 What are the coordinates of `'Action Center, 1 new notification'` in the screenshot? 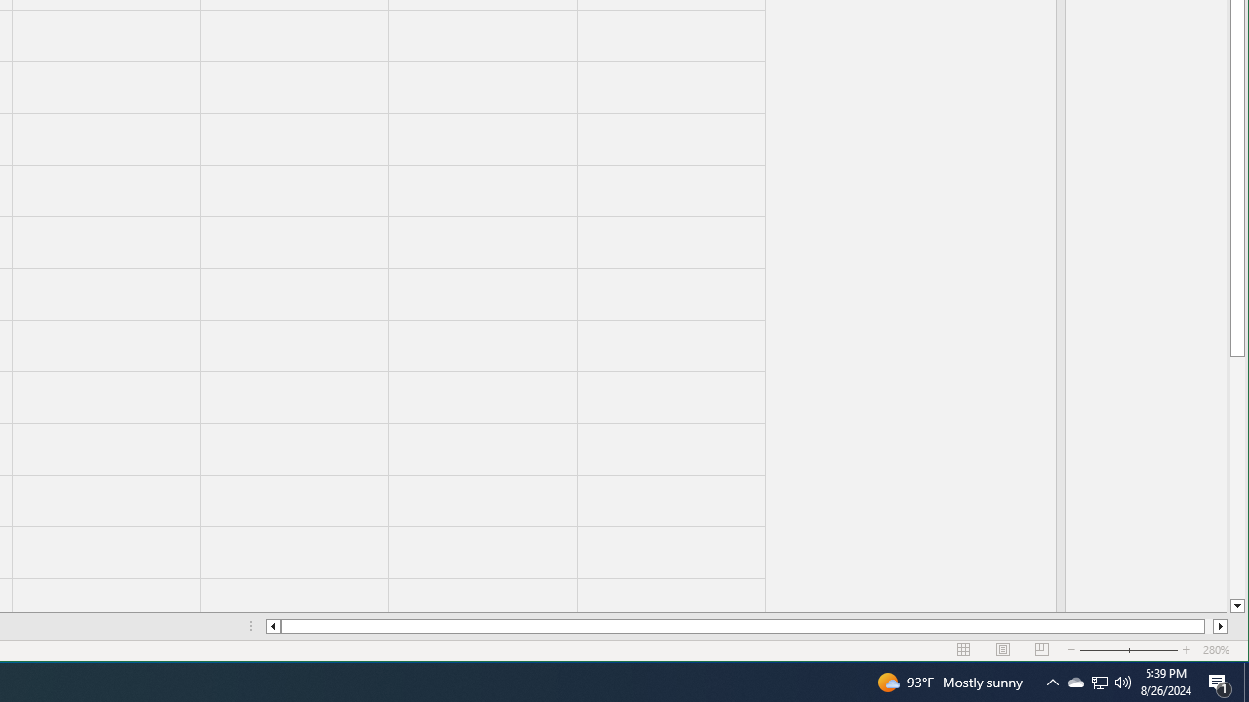 It's located at (1220, 681).